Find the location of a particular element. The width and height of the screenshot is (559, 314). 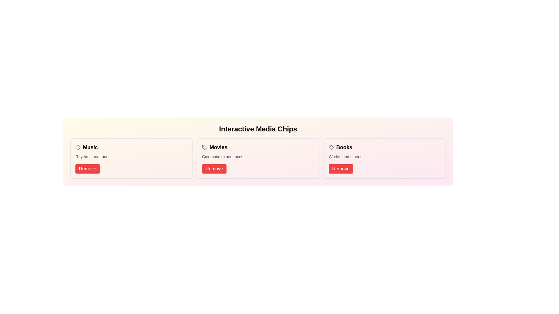

the chip labeled Music to view its hover effects is located at coordinates (86, 147).